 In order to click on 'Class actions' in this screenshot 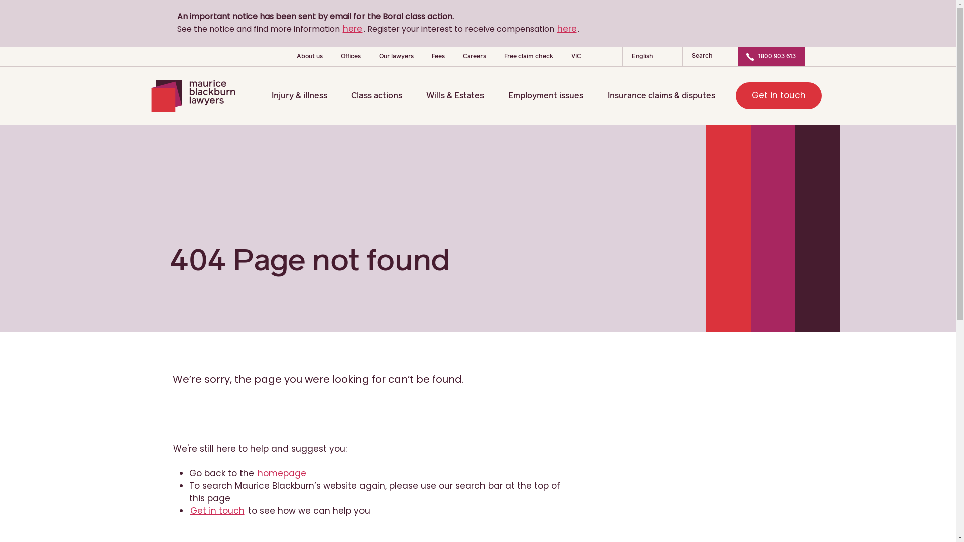, I will do `click(384, 96)`.